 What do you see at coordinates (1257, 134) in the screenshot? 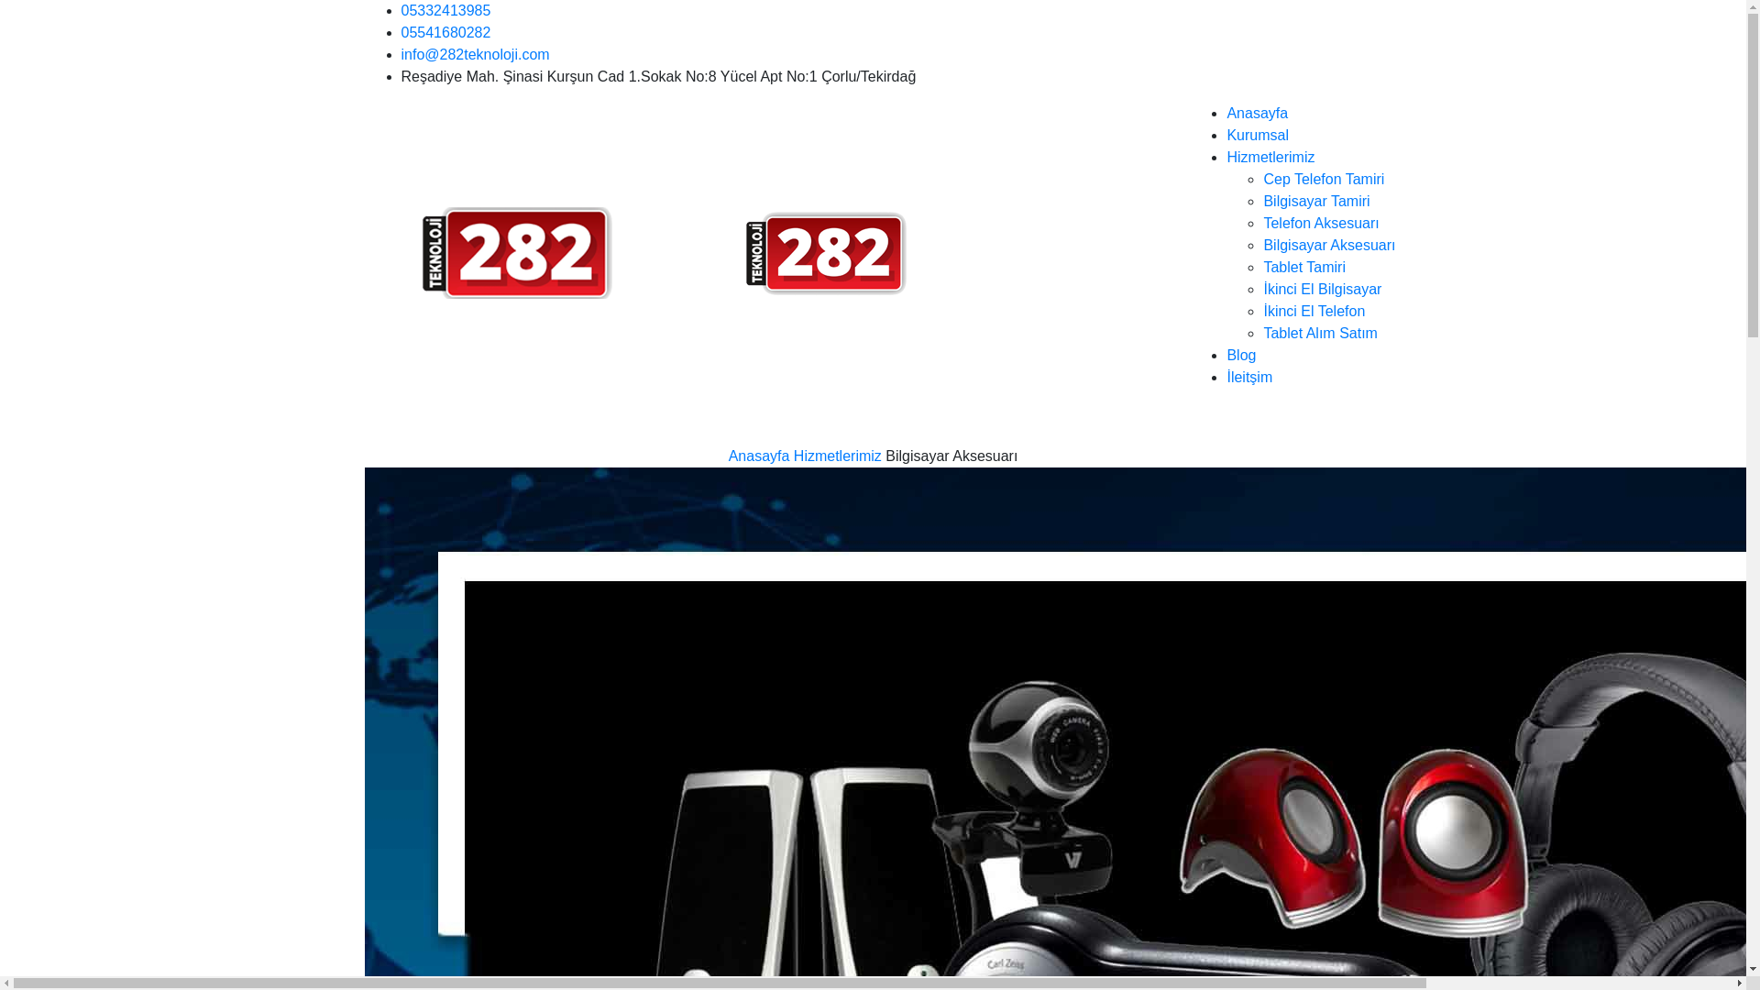
I see `'Kurumsal'` at bounding box center [1257, 134].